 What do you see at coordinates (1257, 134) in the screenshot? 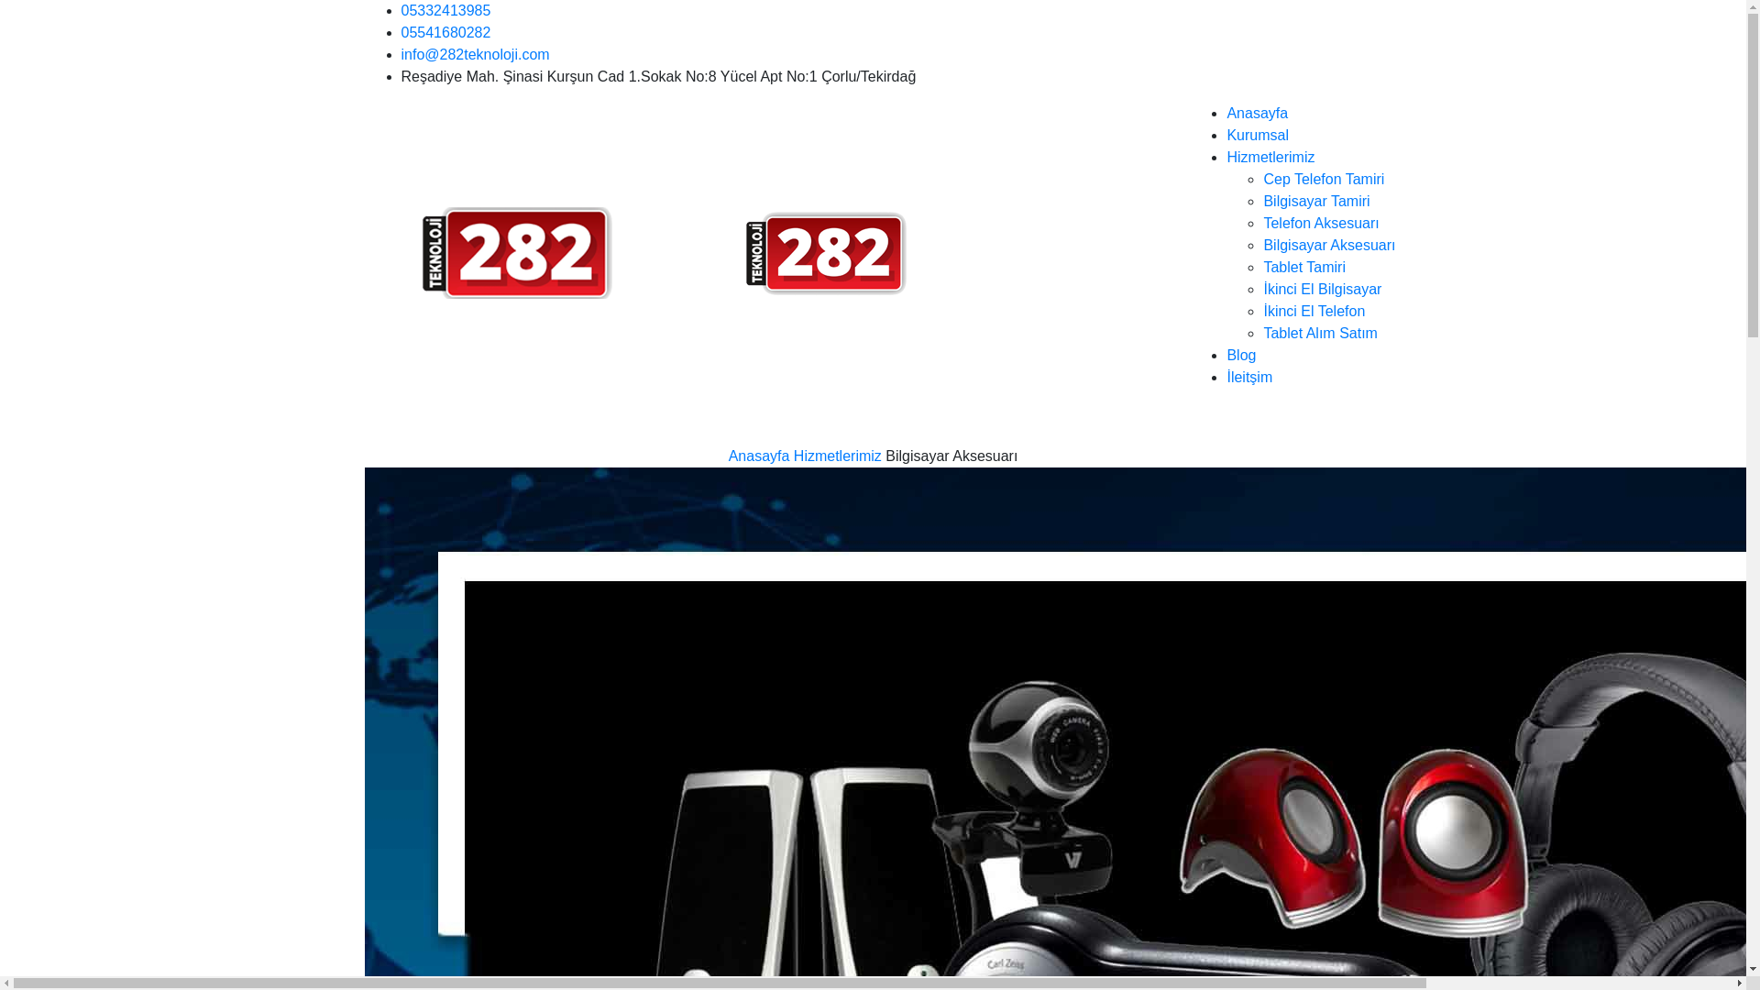
I see `'Kurumsal'` at bounding box center [1257, 134].